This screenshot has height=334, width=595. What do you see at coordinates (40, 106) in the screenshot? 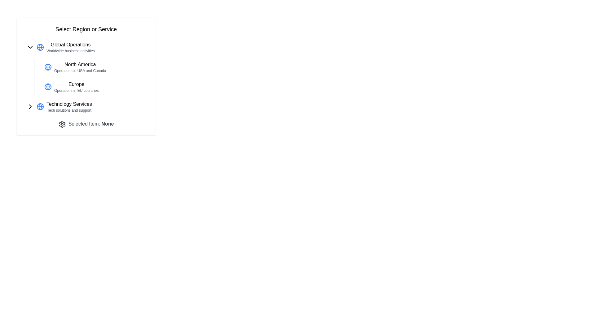
I see `the globe icon element` at bounding box center [40, 106].